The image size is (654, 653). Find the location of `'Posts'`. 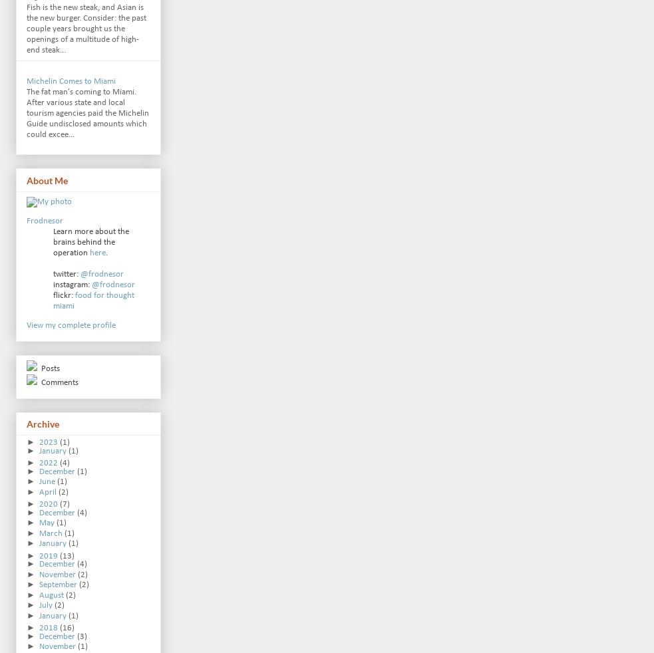

'Posts' is located at coordinates (49, 367).